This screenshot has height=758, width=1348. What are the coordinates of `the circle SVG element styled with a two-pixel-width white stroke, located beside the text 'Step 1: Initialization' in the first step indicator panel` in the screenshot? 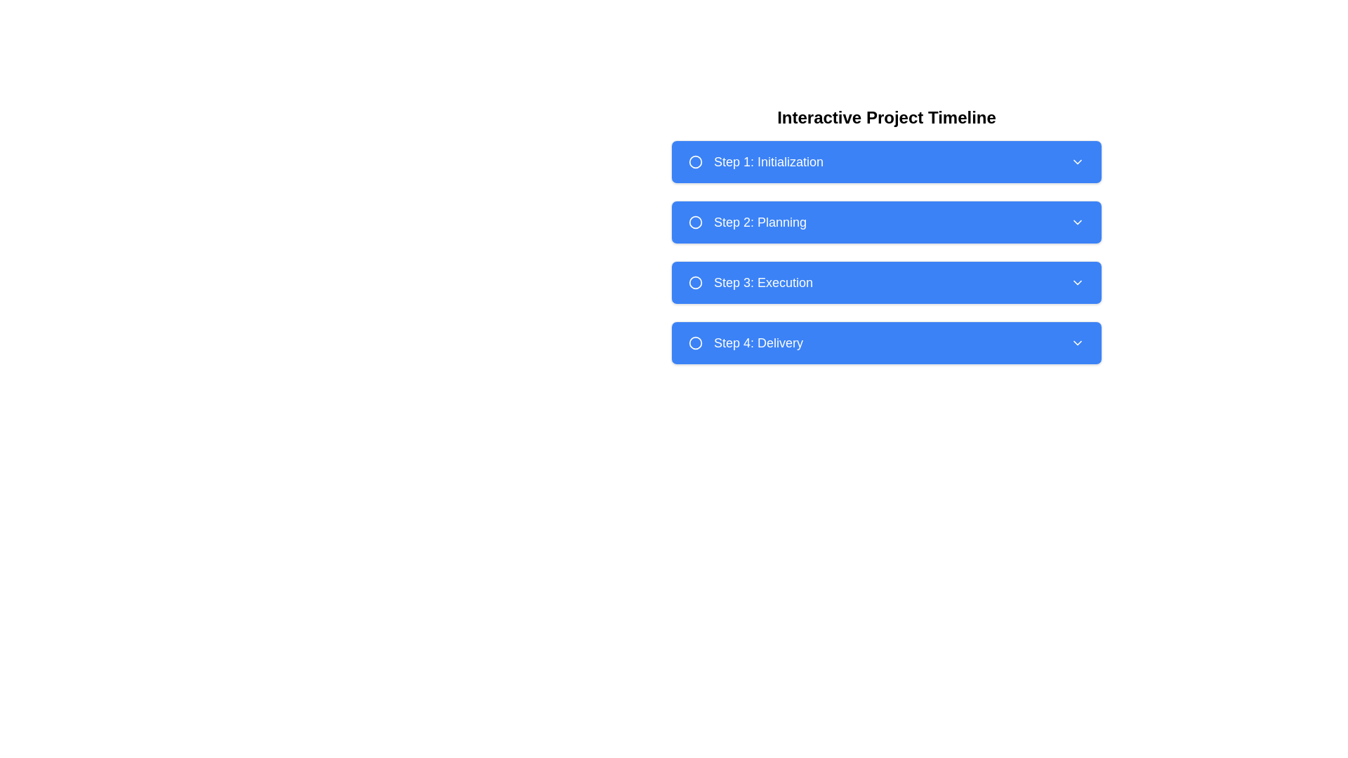 It's located at (695, 161).